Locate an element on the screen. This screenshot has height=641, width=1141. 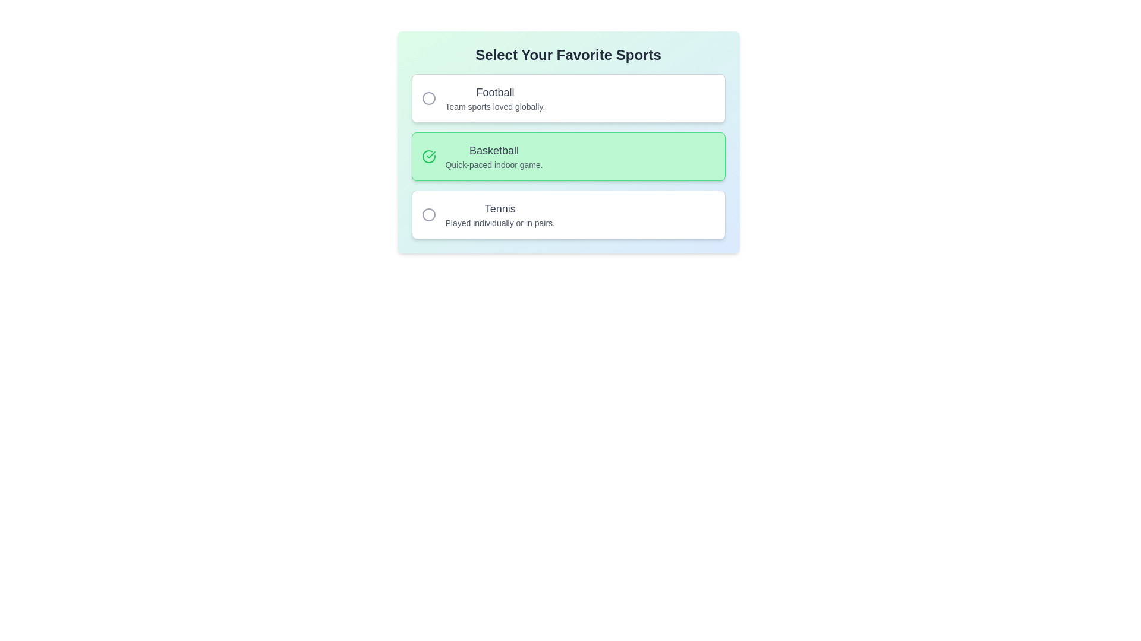
the text label displaying 'Football', which is the first line of text in the sports preferences list is located at coordinates (495, 91).